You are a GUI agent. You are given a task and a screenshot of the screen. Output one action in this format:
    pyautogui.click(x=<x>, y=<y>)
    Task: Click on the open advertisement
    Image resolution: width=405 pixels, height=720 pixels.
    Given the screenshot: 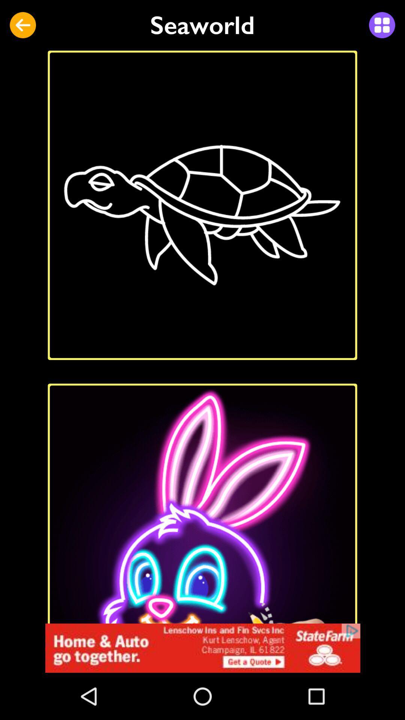 What is the action you would take?
    pyautogui.click(x=202, y=648)
    